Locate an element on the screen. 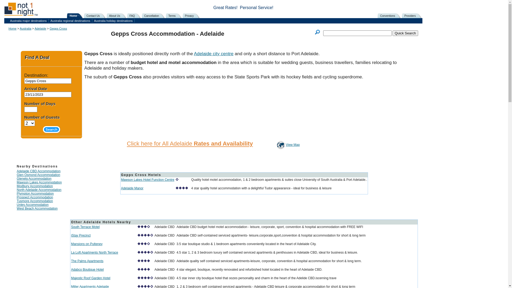  'Adabco Boutique Hotel' is located at coordinates (87, 269).